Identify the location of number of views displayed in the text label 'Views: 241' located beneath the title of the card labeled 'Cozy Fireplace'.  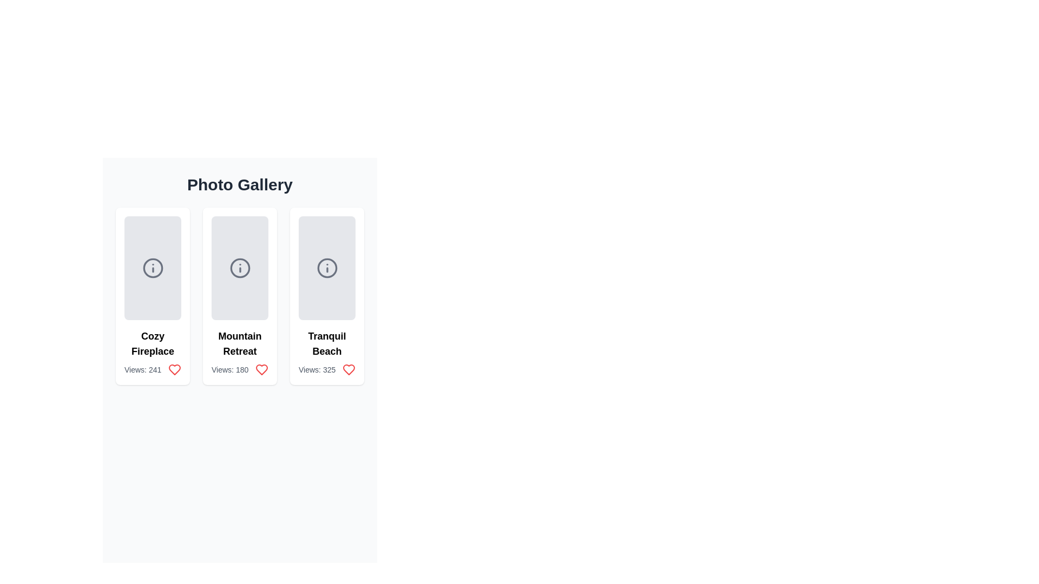
(152, 369).